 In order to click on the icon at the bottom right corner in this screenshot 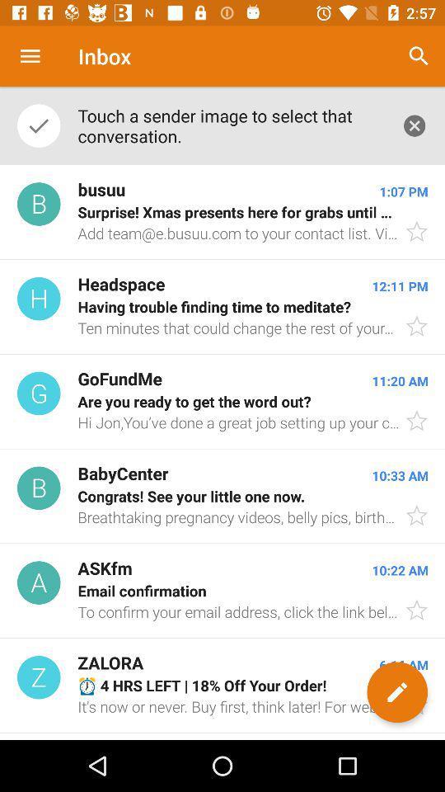, I will do `click(396, 692)`.